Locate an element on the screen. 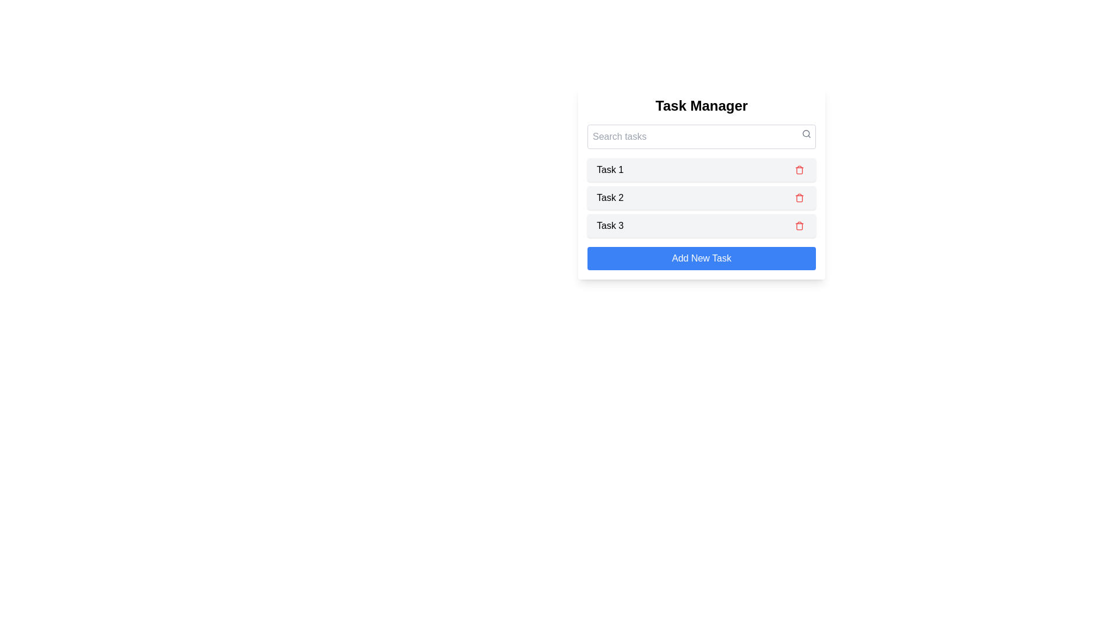  the delete icon for task 1 is located at coordinates (799, 170).